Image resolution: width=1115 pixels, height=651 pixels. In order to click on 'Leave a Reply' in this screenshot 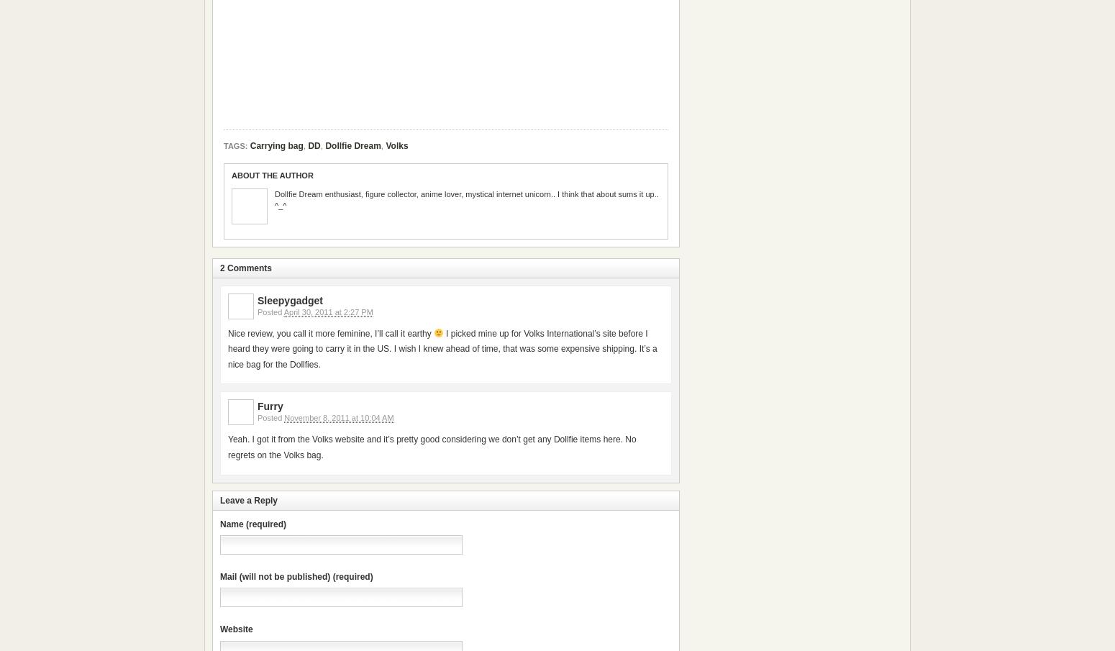, I will do `click(247, 500)`.